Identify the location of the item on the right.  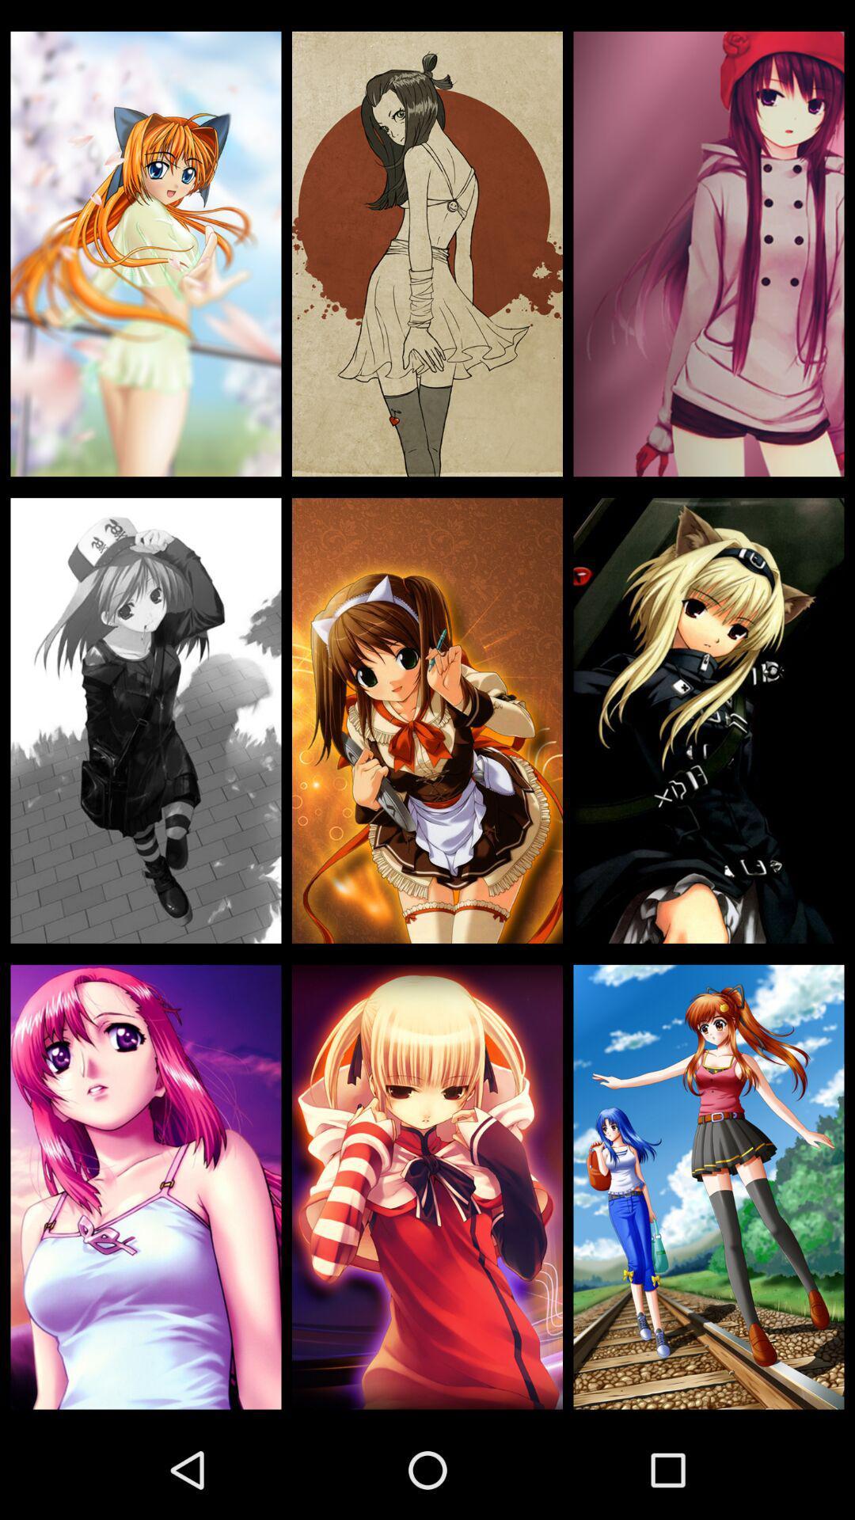
(708, 720).